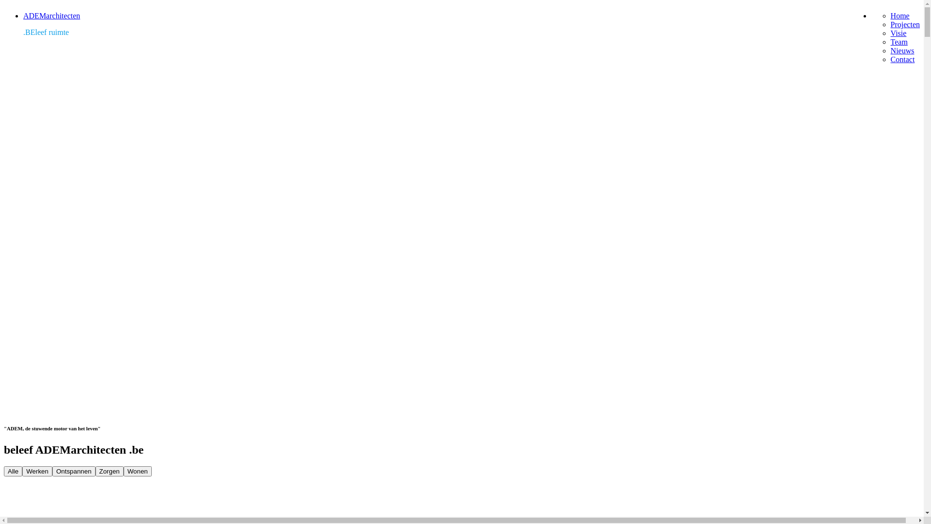  Describe the element at coordinates (891, 50) in the screenshot. I see `'Nieuws'` at that location.